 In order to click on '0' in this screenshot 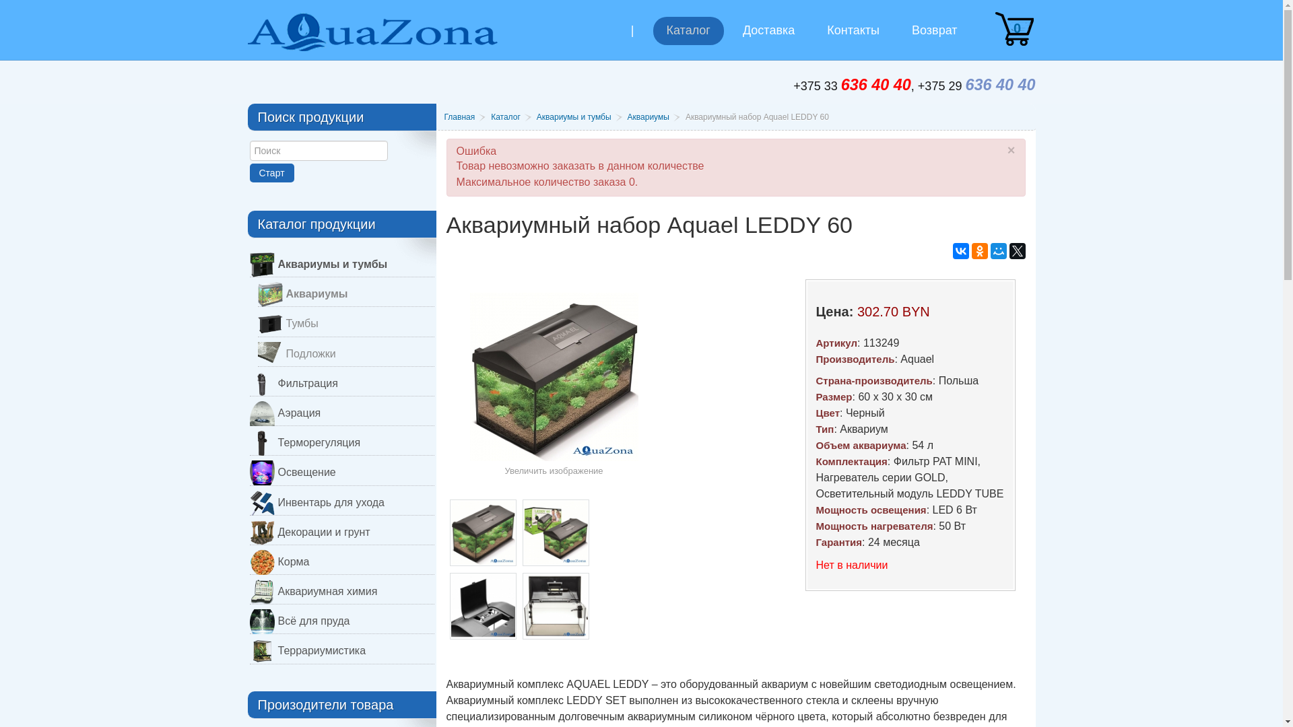, I will do `click(992, 28)`.